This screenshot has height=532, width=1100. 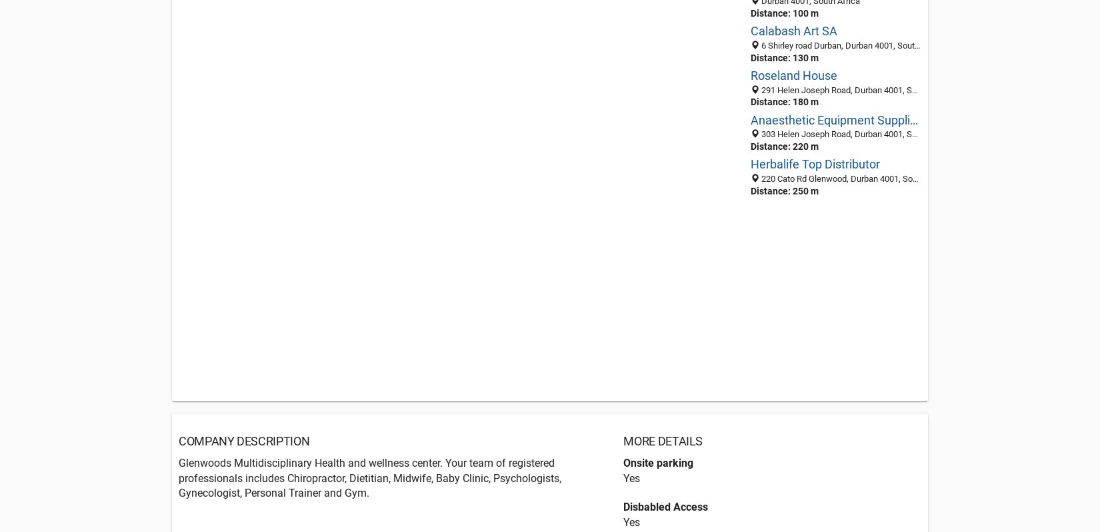 What do you see at coordinates (243, 439) in the screenshot?
I see `'Company description'` at bounding box center [243, 439].